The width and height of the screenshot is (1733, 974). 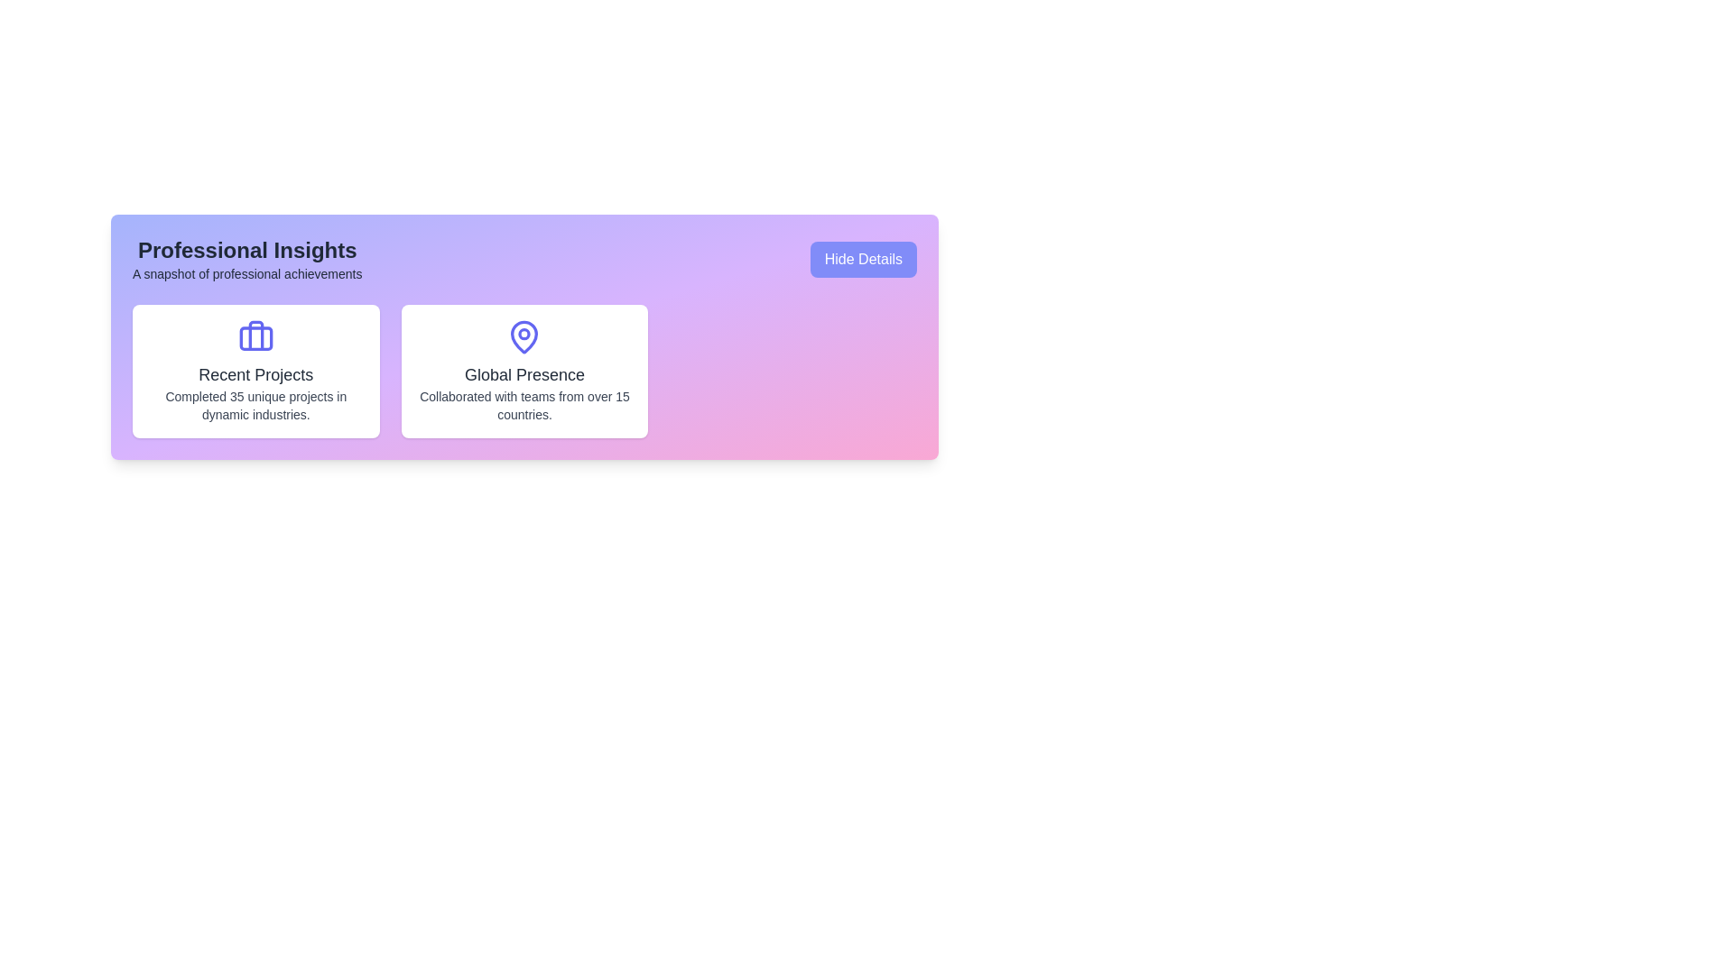 What do you see at coordinates (524, 337) in the screenshot?
I see `the map pin icon with a blue outline located on the right card in the 'Global Presence' section, positioned centrally above the text descriptions` at bounding box center [524, 337].